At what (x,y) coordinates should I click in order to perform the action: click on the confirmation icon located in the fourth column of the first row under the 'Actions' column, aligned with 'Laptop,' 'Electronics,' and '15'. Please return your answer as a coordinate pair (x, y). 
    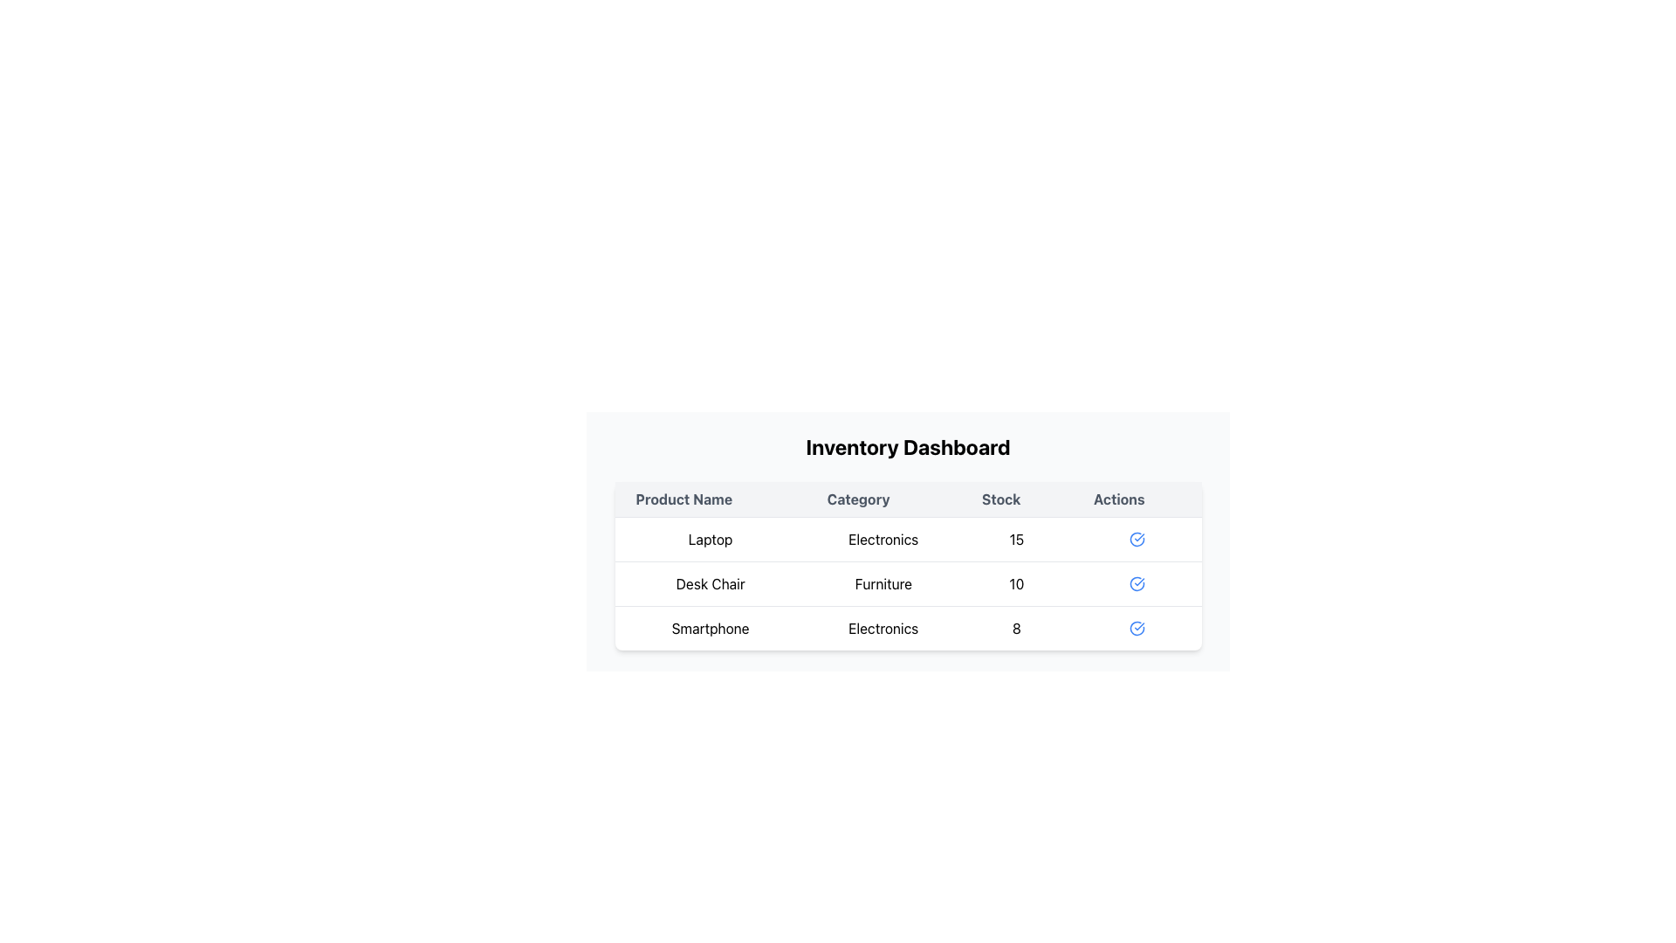
    Looking at the image, I should click on (1136, 538).